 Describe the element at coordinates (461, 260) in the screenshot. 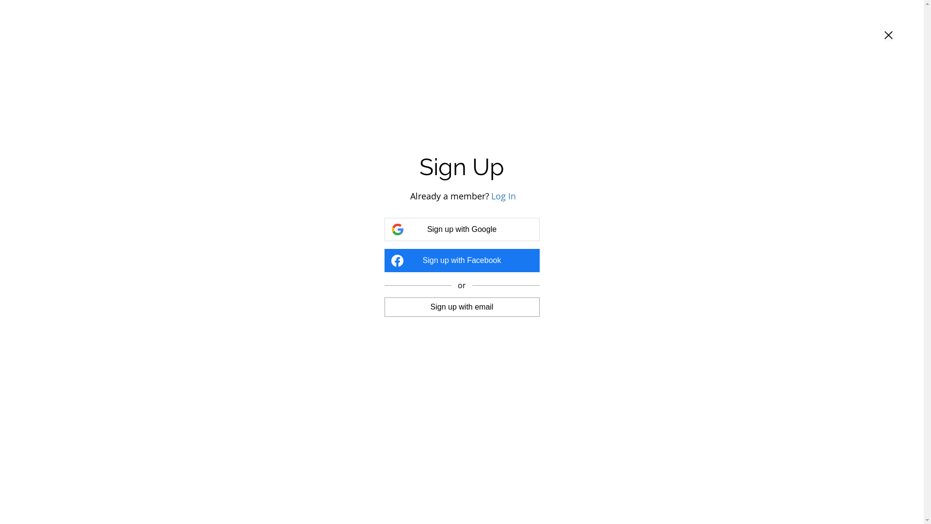

I see `'Sign up with Facebook'` at that location.